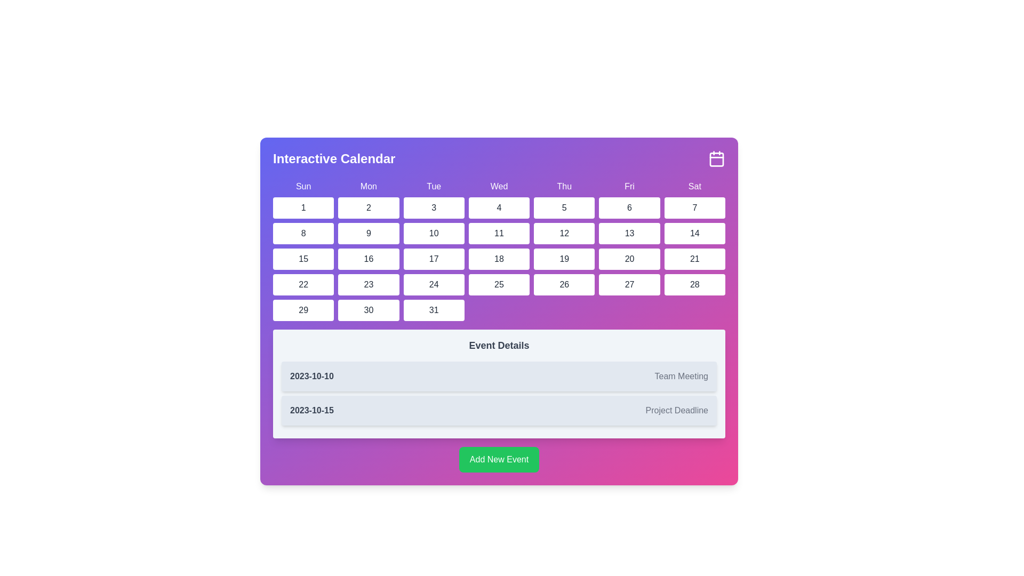 The width and height of the screenshot is (1024, 576). I want to click on the rectangular button with a white background and '10' in black font, located under the 'Tue' column in the calendar grid, so click(434, 233).